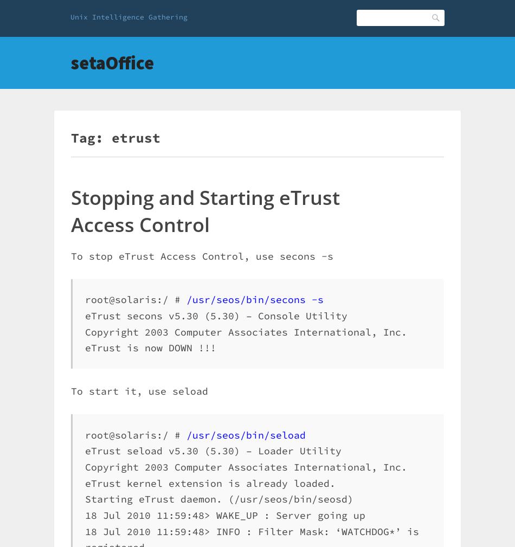  What do you see at coordinates (150, 347) in the screenshot?
I see `'eTrust is now DOWN !!!'` at bounding box center [150, 347].